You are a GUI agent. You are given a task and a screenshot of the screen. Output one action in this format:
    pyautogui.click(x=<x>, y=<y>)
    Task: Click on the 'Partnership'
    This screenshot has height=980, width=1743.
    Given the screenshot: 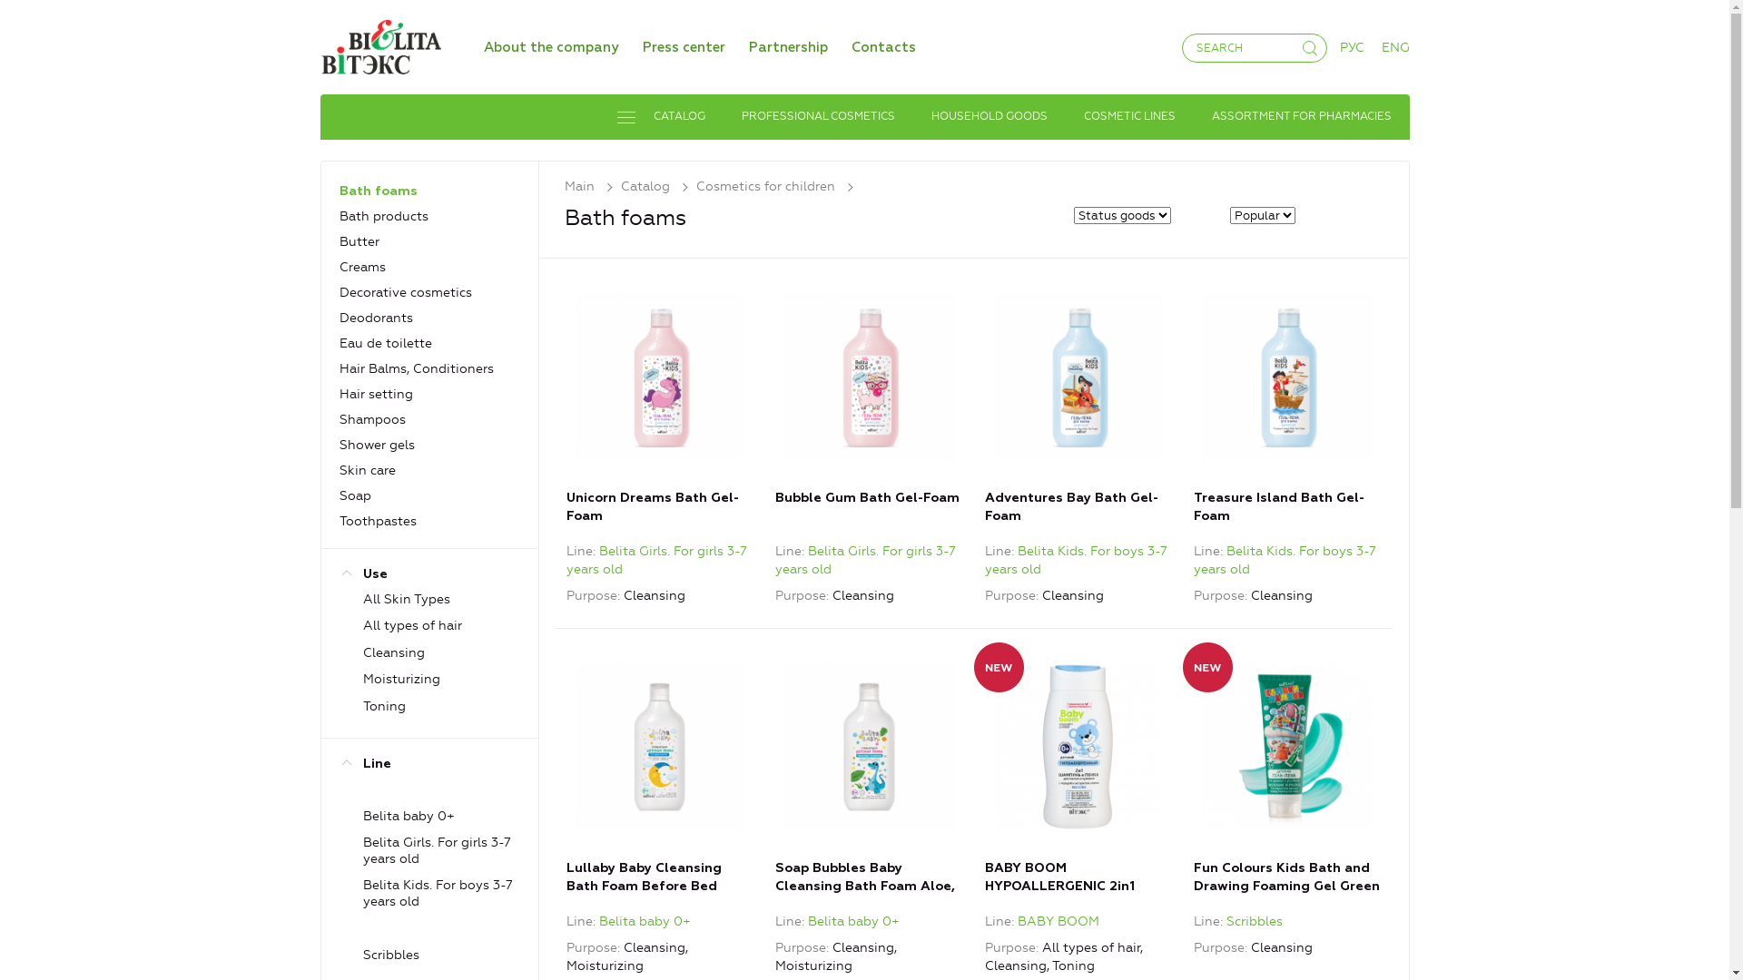 What is the action you would take?
    pyautogui.click(x=787, y=46)
    